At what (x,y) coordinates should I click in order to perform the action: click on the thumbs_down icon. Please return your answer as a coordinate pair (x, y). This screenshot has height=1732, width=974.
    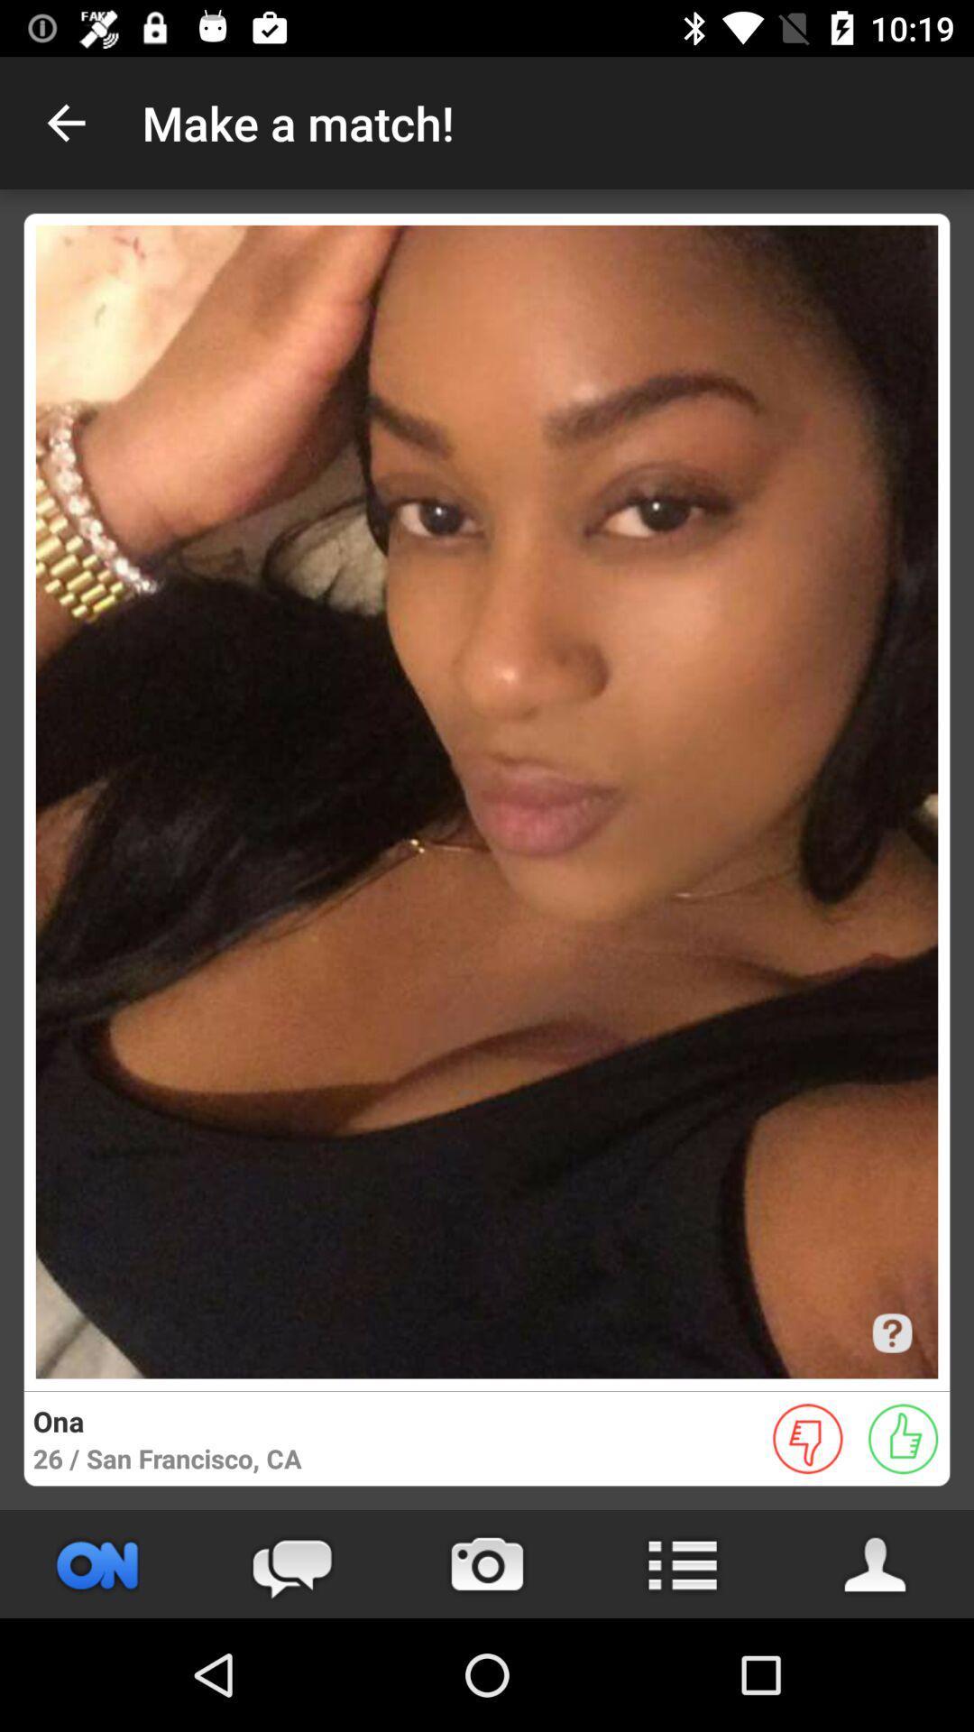
    Looking at the image, I should click on (807, 1438).